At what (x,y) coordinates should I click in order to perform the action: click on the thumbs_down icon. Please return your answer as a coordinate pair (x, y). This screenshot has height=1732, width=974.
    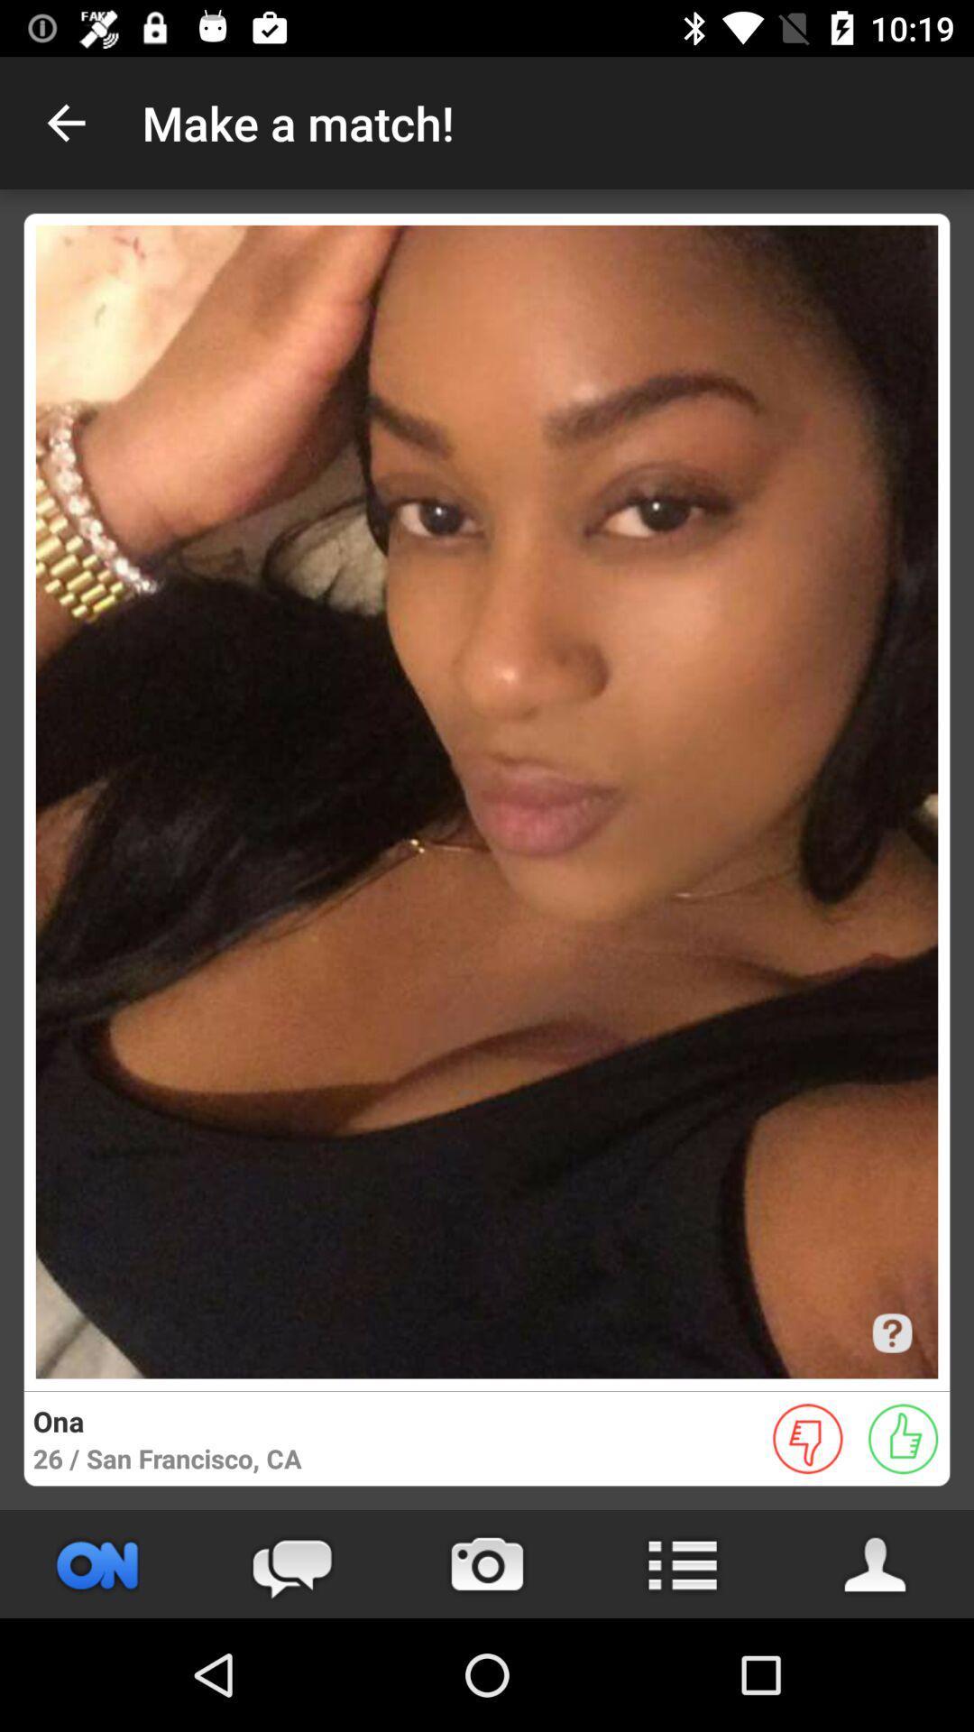
    Looking at the image, I should click on (807, 1438).